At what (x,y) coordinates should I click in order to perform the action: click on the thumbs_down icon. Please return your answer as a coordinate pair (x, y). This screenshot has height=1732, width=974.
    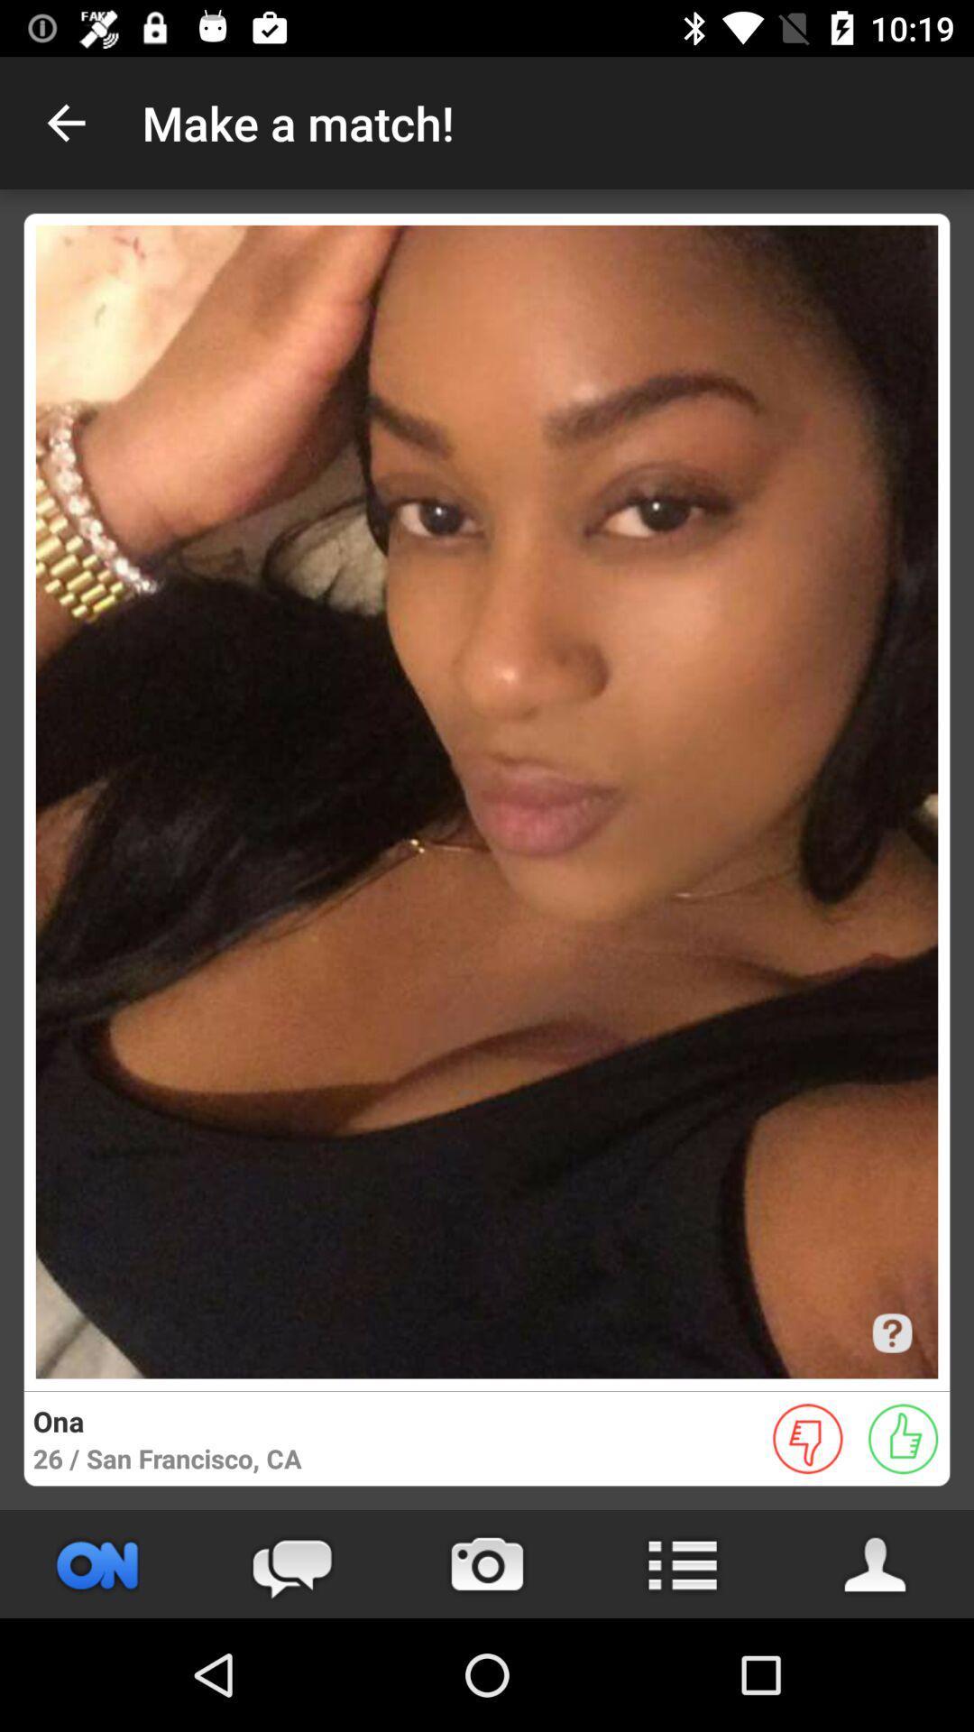
    Looking at the image, I should click on (807, 1438).